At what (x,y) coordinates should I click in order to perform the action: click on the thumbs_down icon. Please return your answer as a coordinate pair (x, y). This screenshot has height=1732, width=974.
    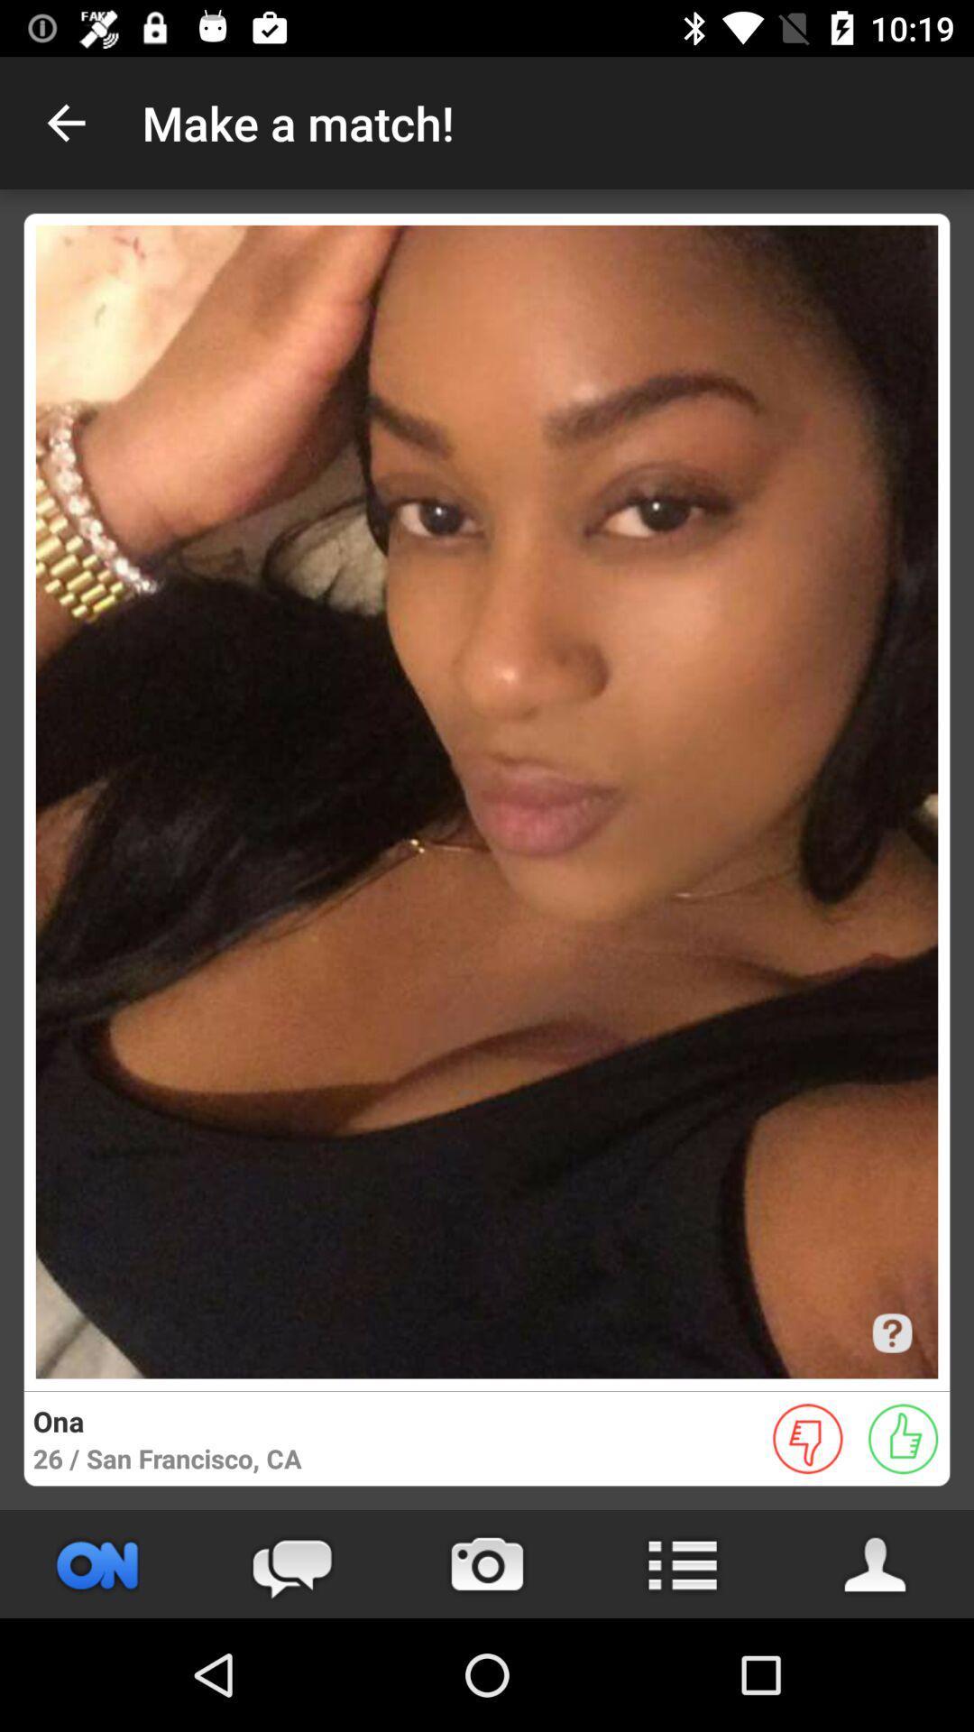
    Looking at the image, I should click on (807, 1438).